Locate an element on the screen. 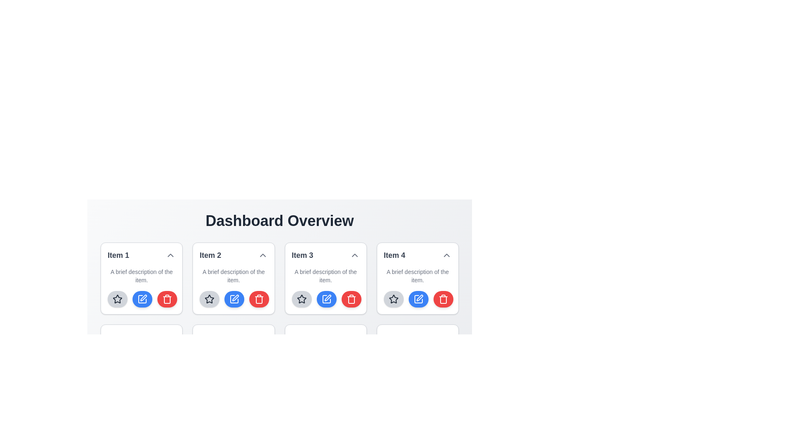 The height and width of the screenshot is (447, 795). the delete icon button located in the lower right corner of the card titled 'Item 3' is located at coordinates (351, 299).